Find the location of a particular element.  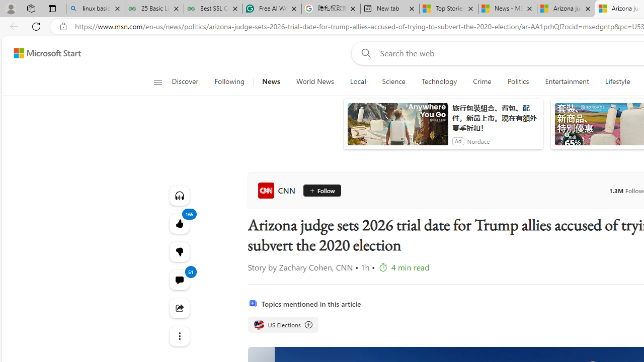

'anim-content' is located at coordinates (397, 128).